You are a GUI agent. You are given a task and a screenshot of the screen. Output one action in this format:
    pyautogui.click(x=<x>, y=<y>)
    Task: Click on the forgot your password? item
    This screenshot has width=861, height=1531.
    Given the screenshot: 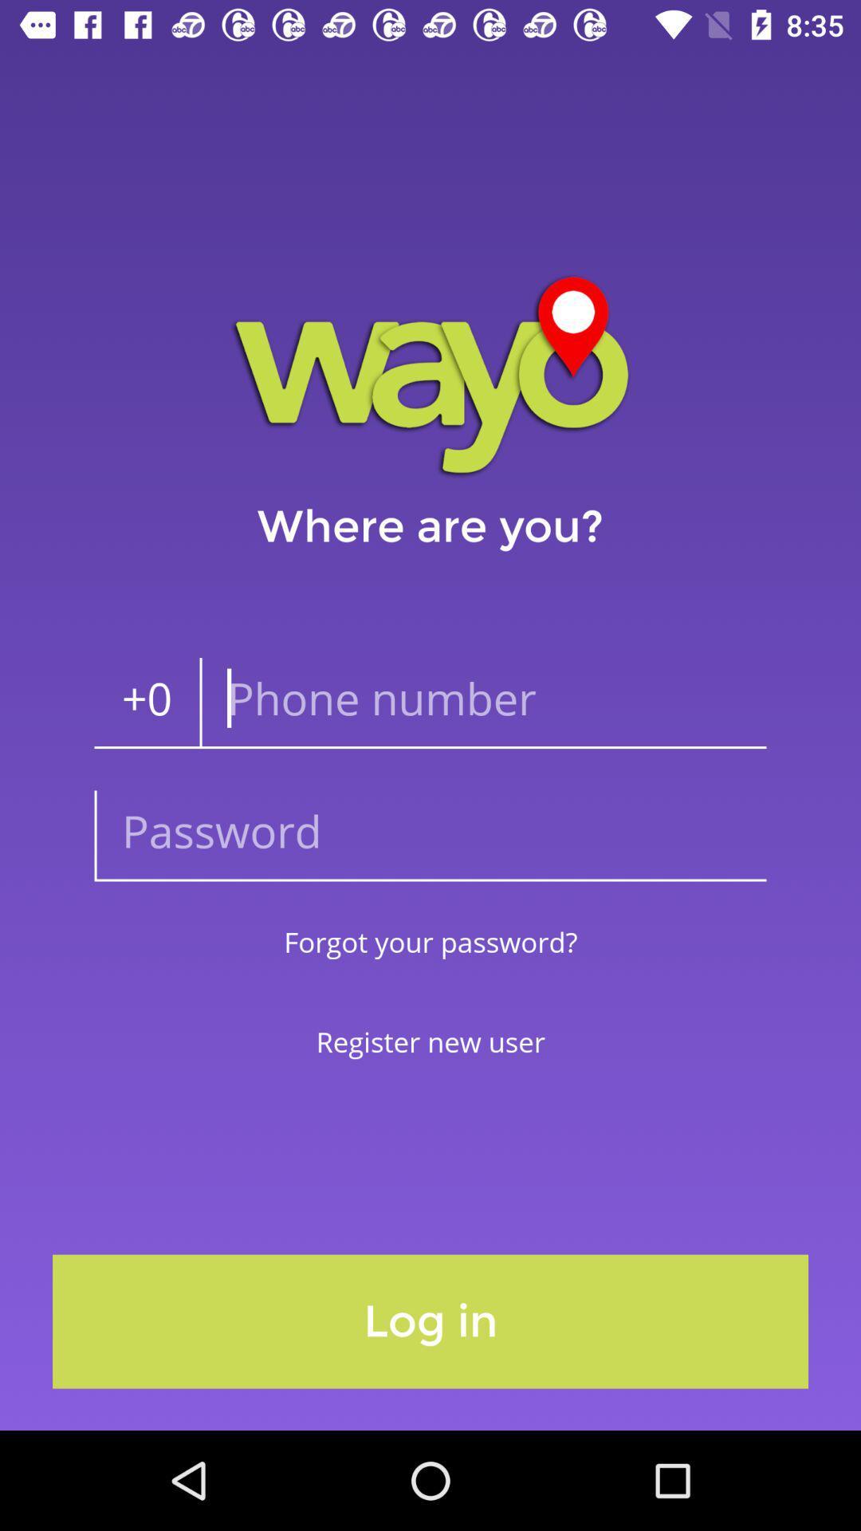 What is the action you would take?
    pyautogui.click(x=431, y=942)
    